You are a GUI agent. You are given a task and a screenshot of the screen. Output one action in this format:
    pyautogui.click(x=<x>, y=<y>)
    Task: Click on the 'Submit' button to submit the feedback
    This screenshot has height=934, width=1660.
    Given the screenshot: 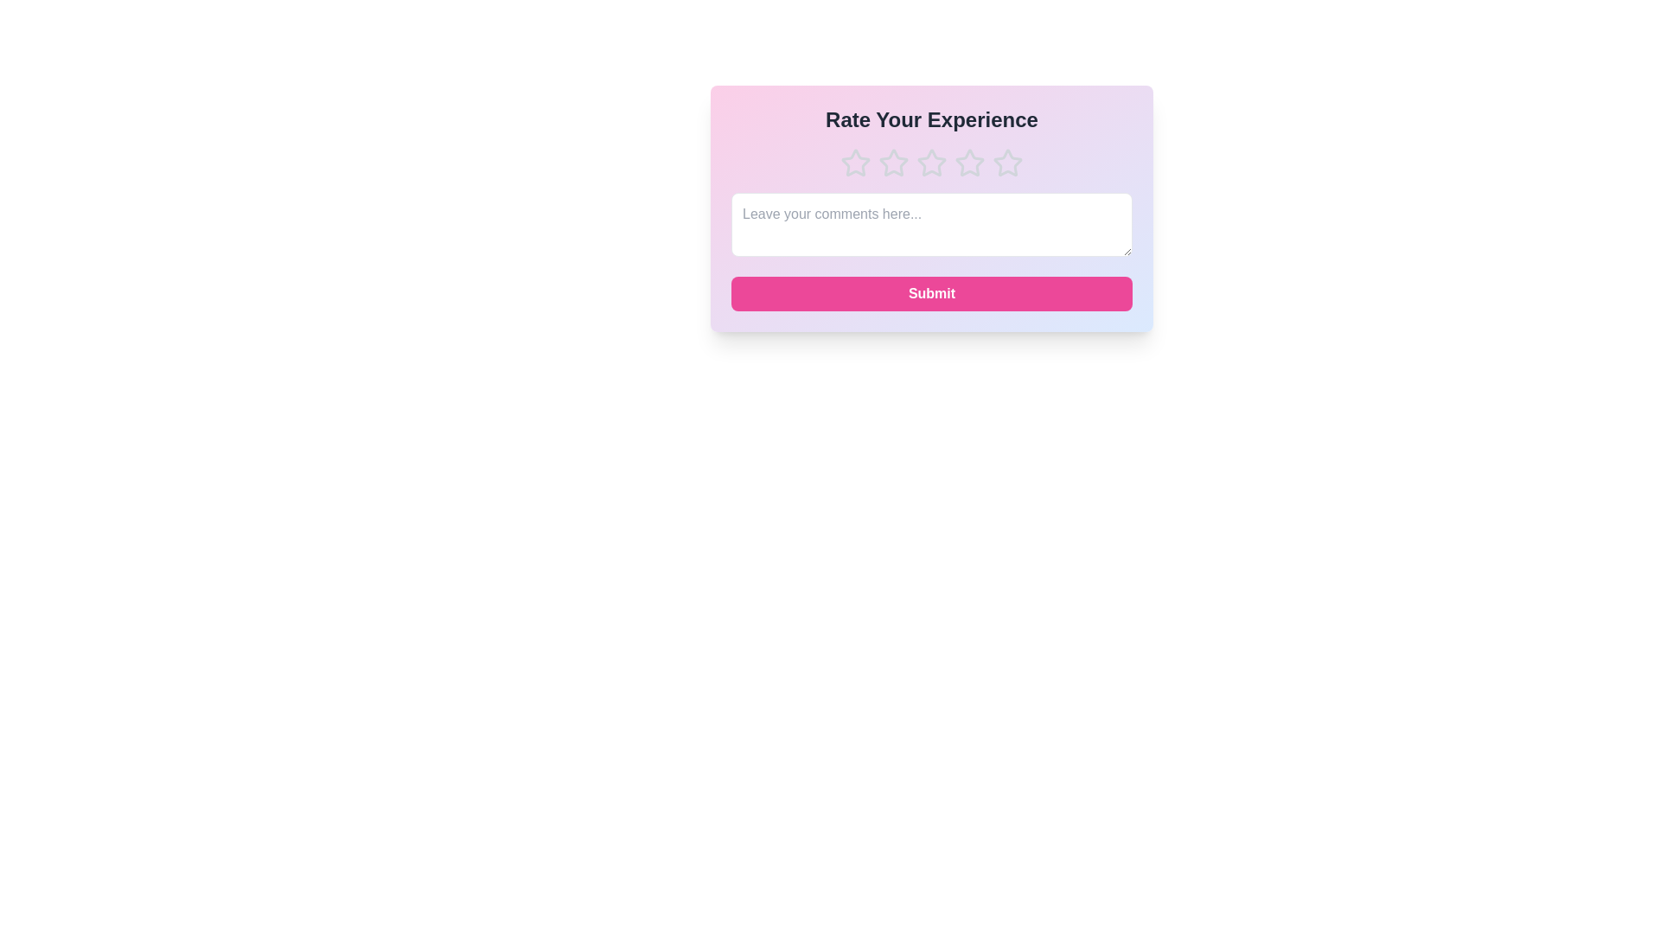 What is the action you would take?
    pyautogui.click(x=931, y=292)
    